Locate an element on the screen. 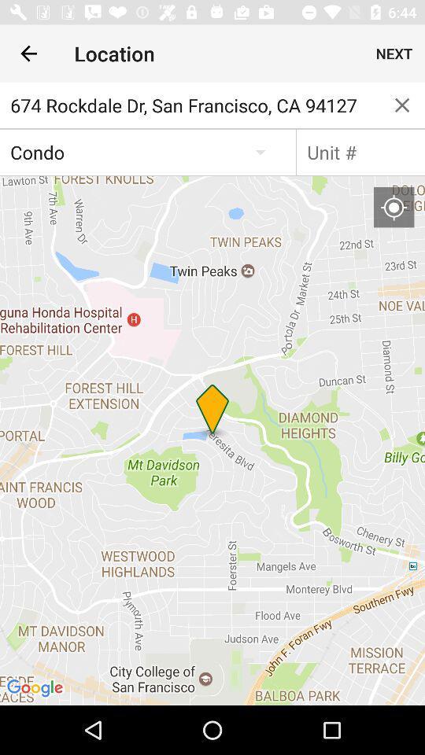 The image size is (425, 755). the close icon is located at coordinates (402, 104).